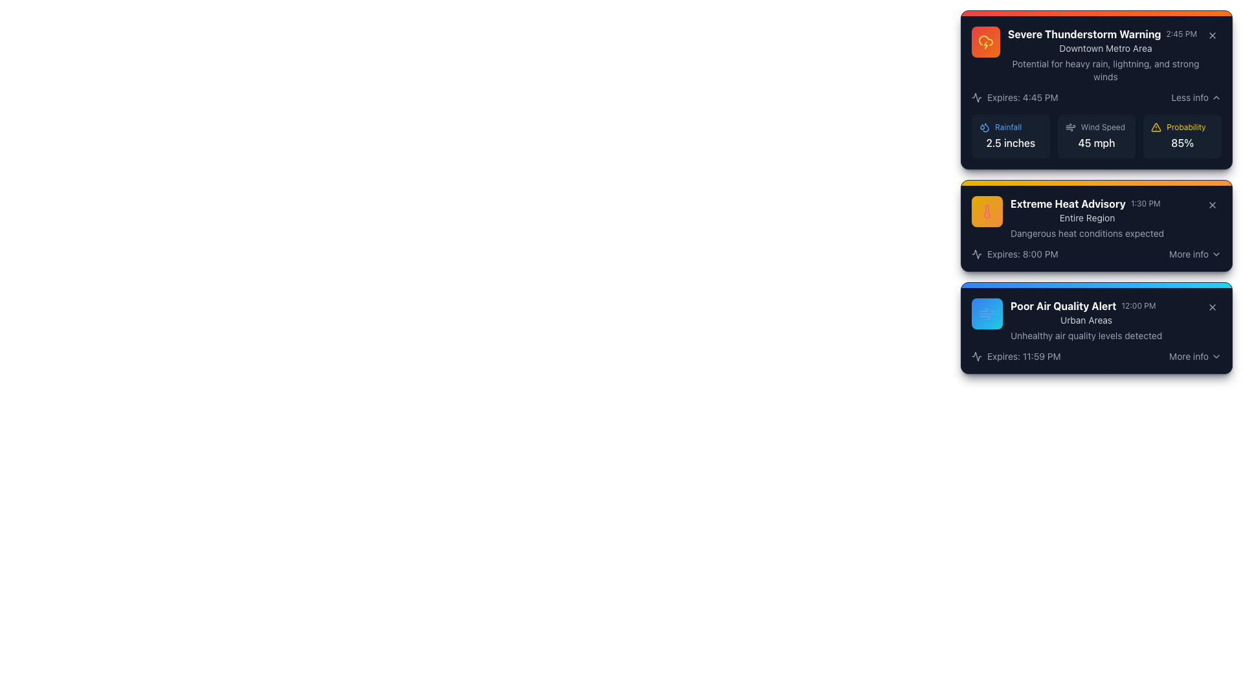  What do you see at coordinates (1070, 127) in the screenshot?
I see `the streamlined wind patterns icon located to the left of the 'Wind Speed' label within the 'Severe Thunderstorm Warning' card` at bounding box center [1070, 127].